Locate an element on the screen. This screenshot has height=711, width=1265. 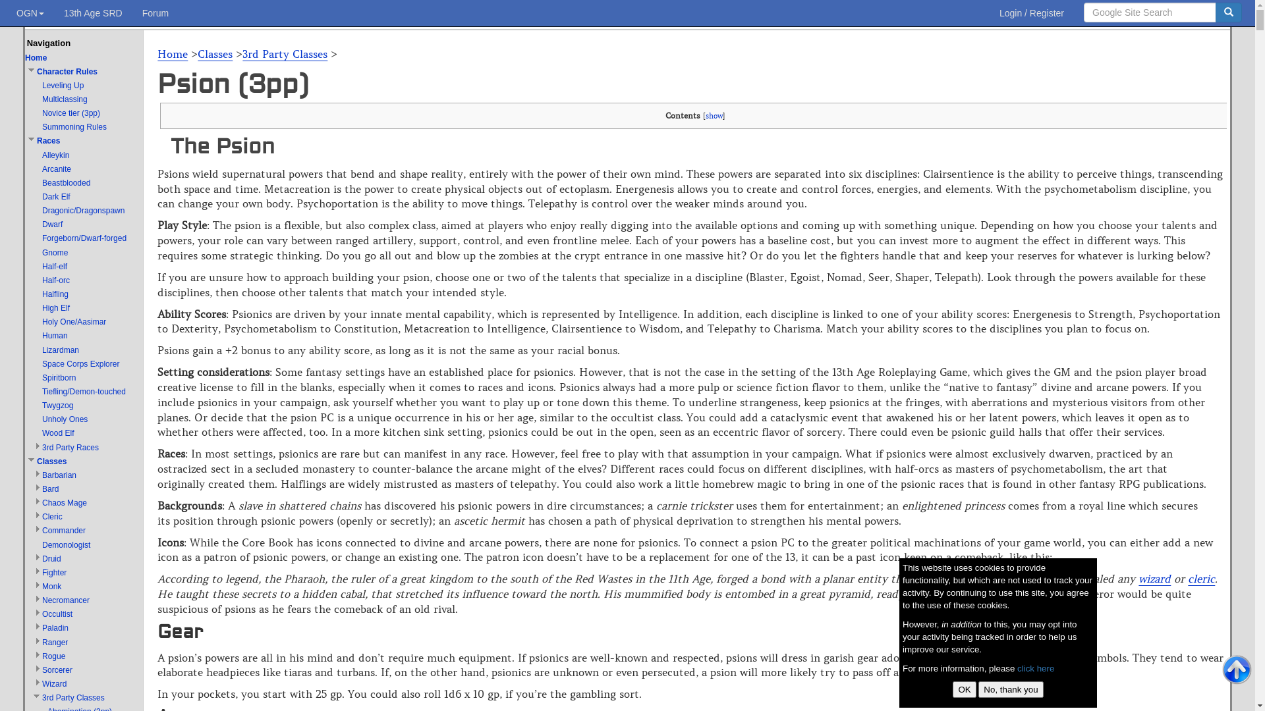
'Cleric' is located at coordinates (42, 516).